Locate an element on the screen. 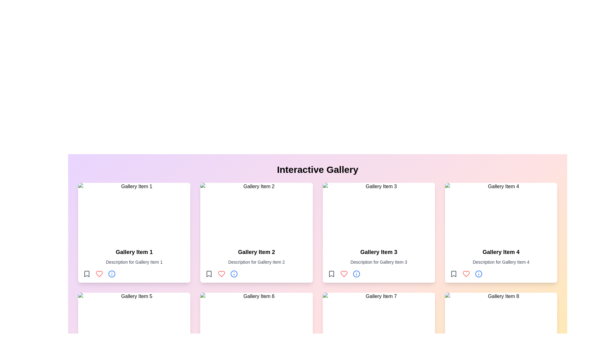 The image size is (600, 337). the static text label providing additional information about 'Gallery Item 3', which is positioned directly below its title and above a row of icons is located at coordinates (378, 262).